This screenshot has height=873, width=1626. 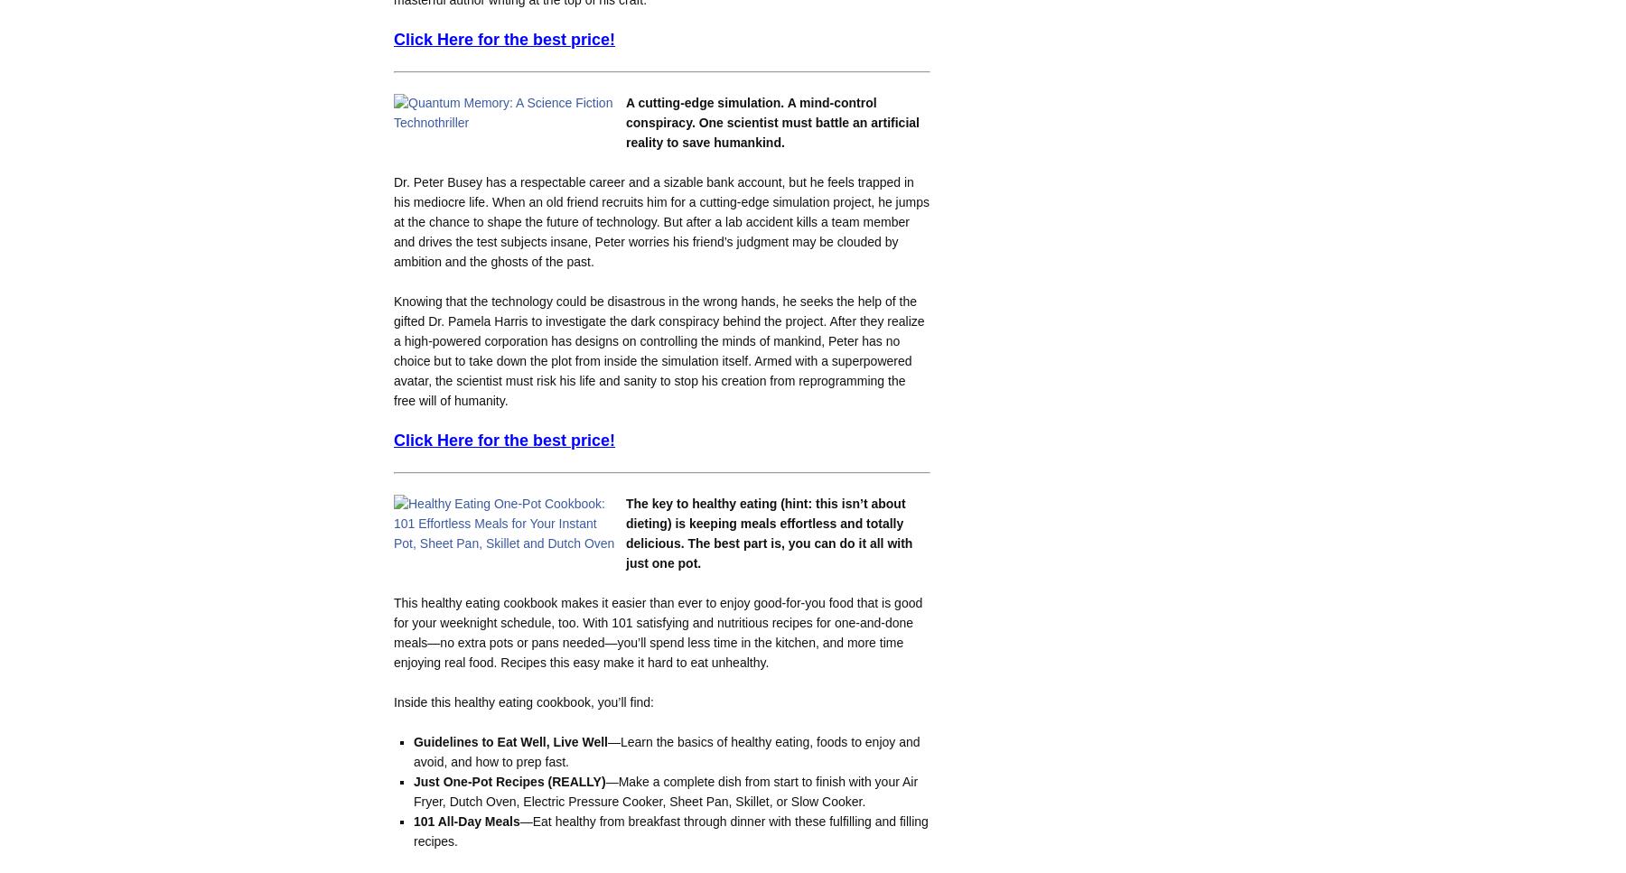 I want to click on 'Just One-Pot Recipes (REALLY)', so click(x=508, y=779).